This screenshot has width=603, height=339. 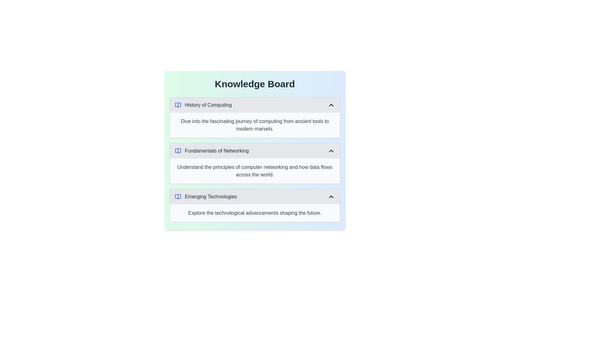 What do you see at coordinates (177, 196) in the screenshot?
I see `the decorative graphic icon that represents the 'Emerging Technologies' label in the list, located to the left of the label's text` at bounding box center [177, 196].